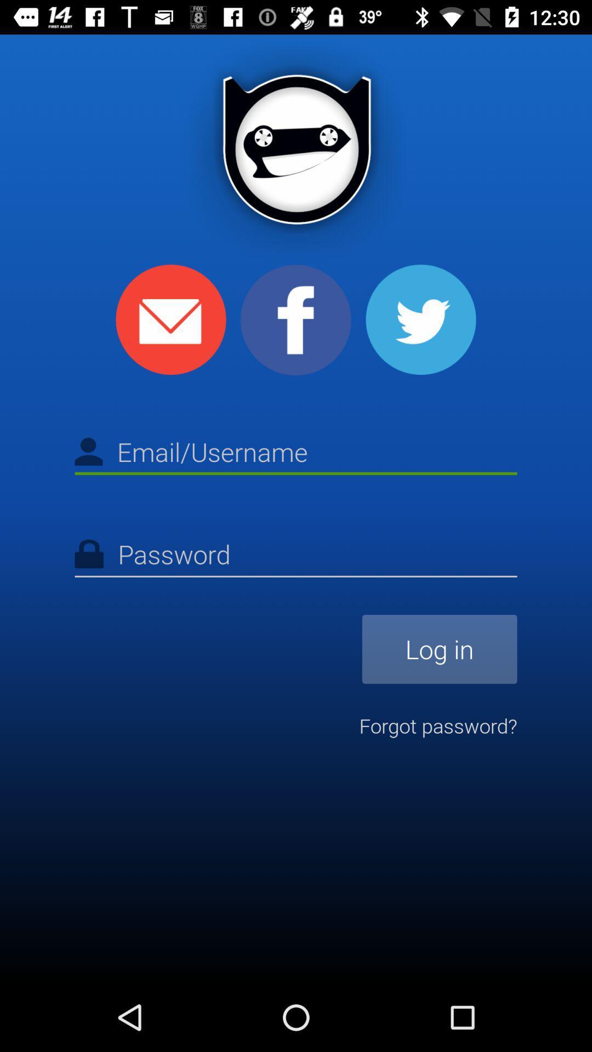 The width and height of the screenshot is (592, 1052). I want to click on twitter, so click(420, 319).